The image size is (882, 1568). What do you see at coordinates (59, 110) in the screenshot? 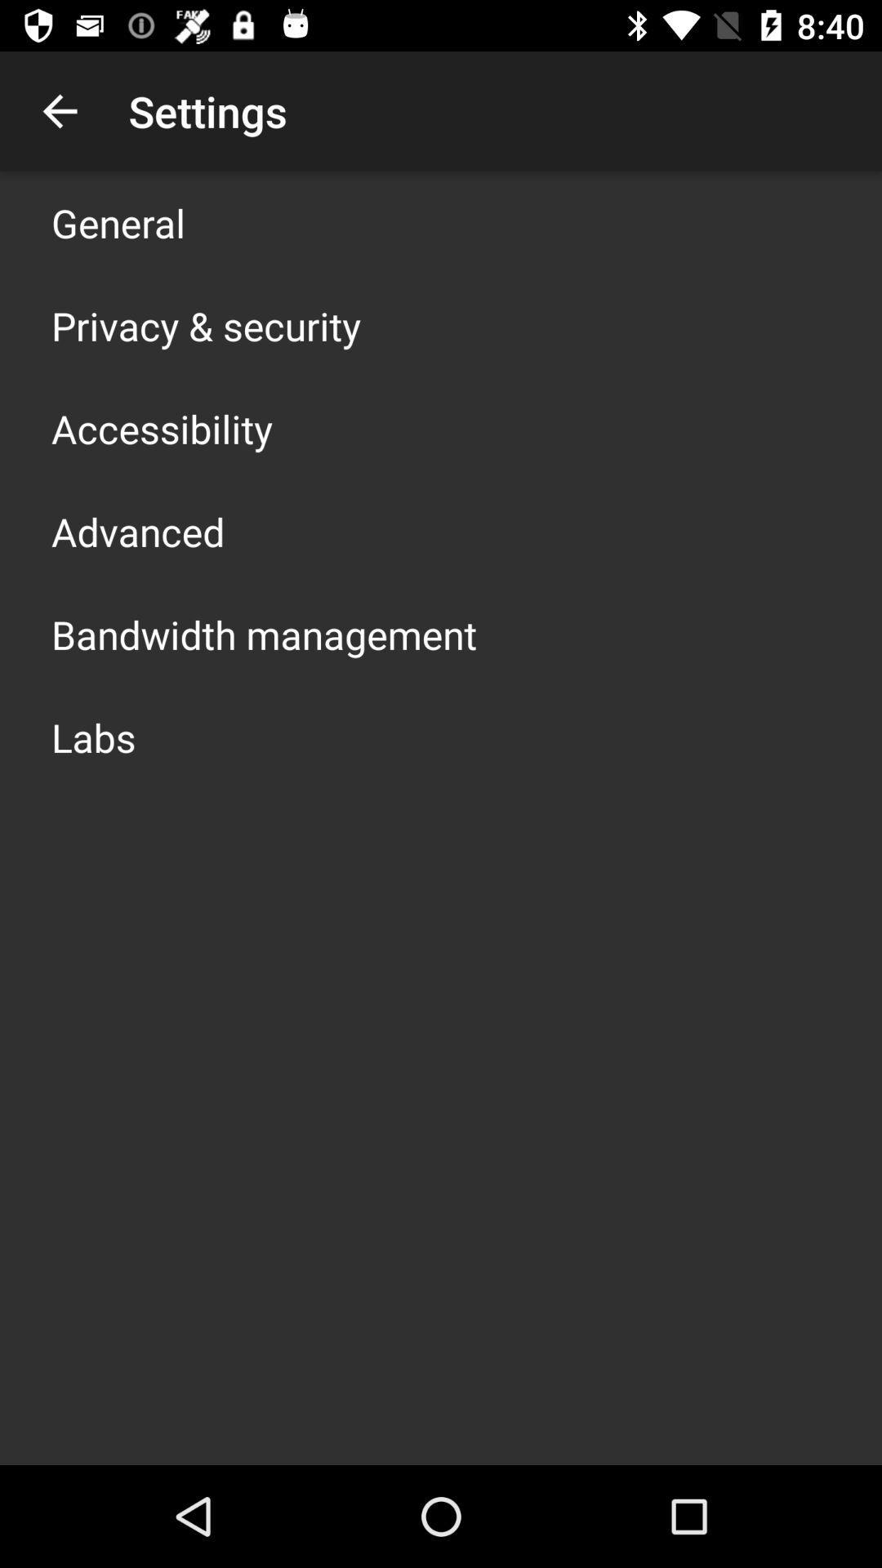
I see `icon to the left of settings item` at bounding box center [59, 110].